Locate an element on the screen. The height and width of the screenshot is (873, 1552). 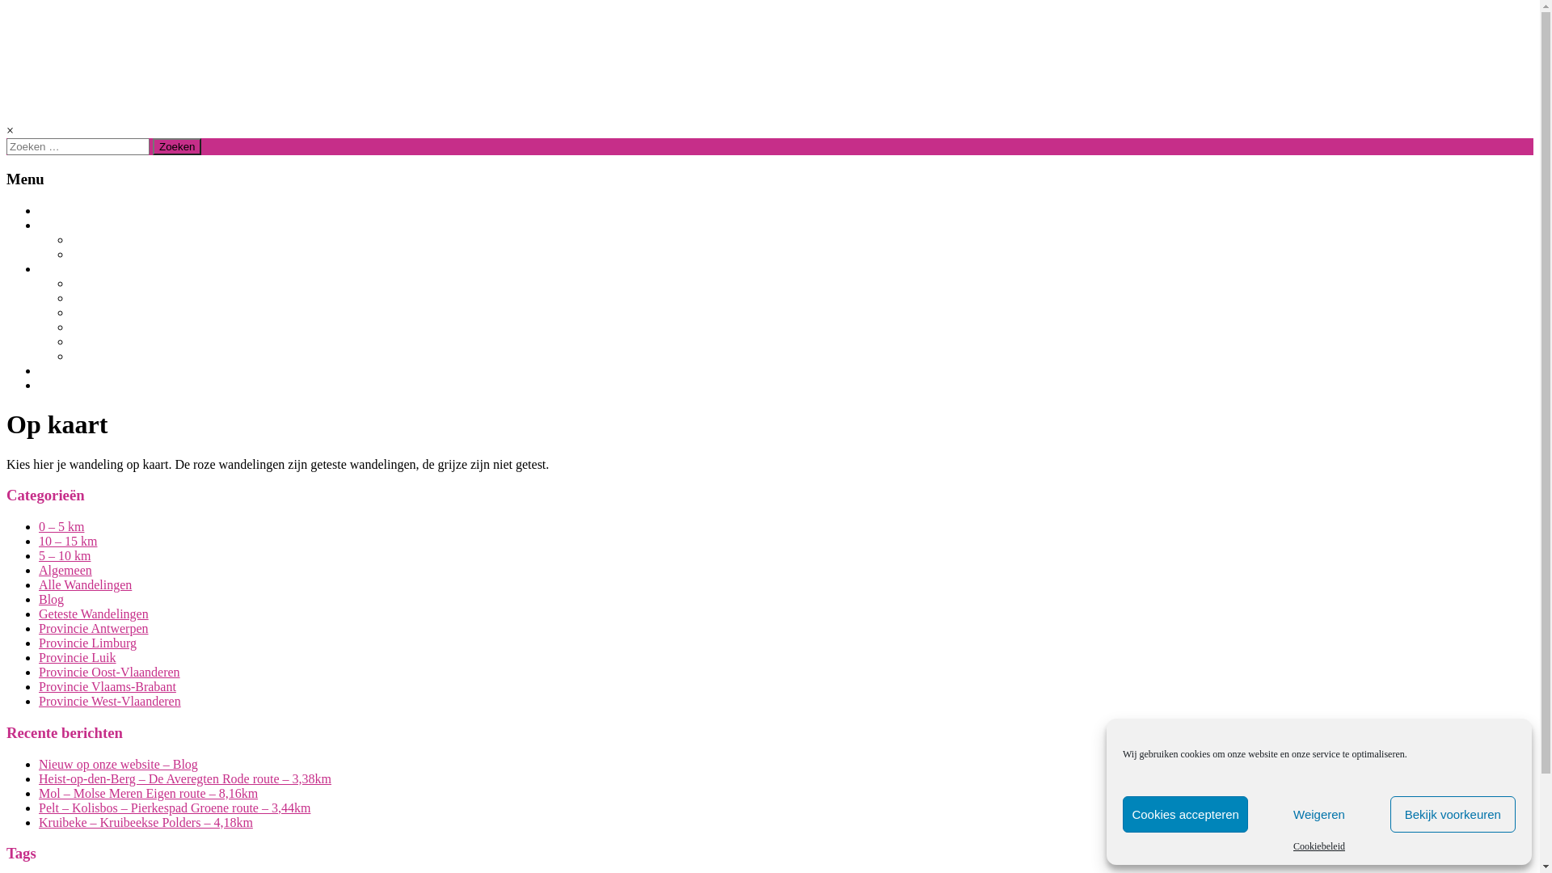
'Alle Wandelingen' is located at coordinates (84, 584).